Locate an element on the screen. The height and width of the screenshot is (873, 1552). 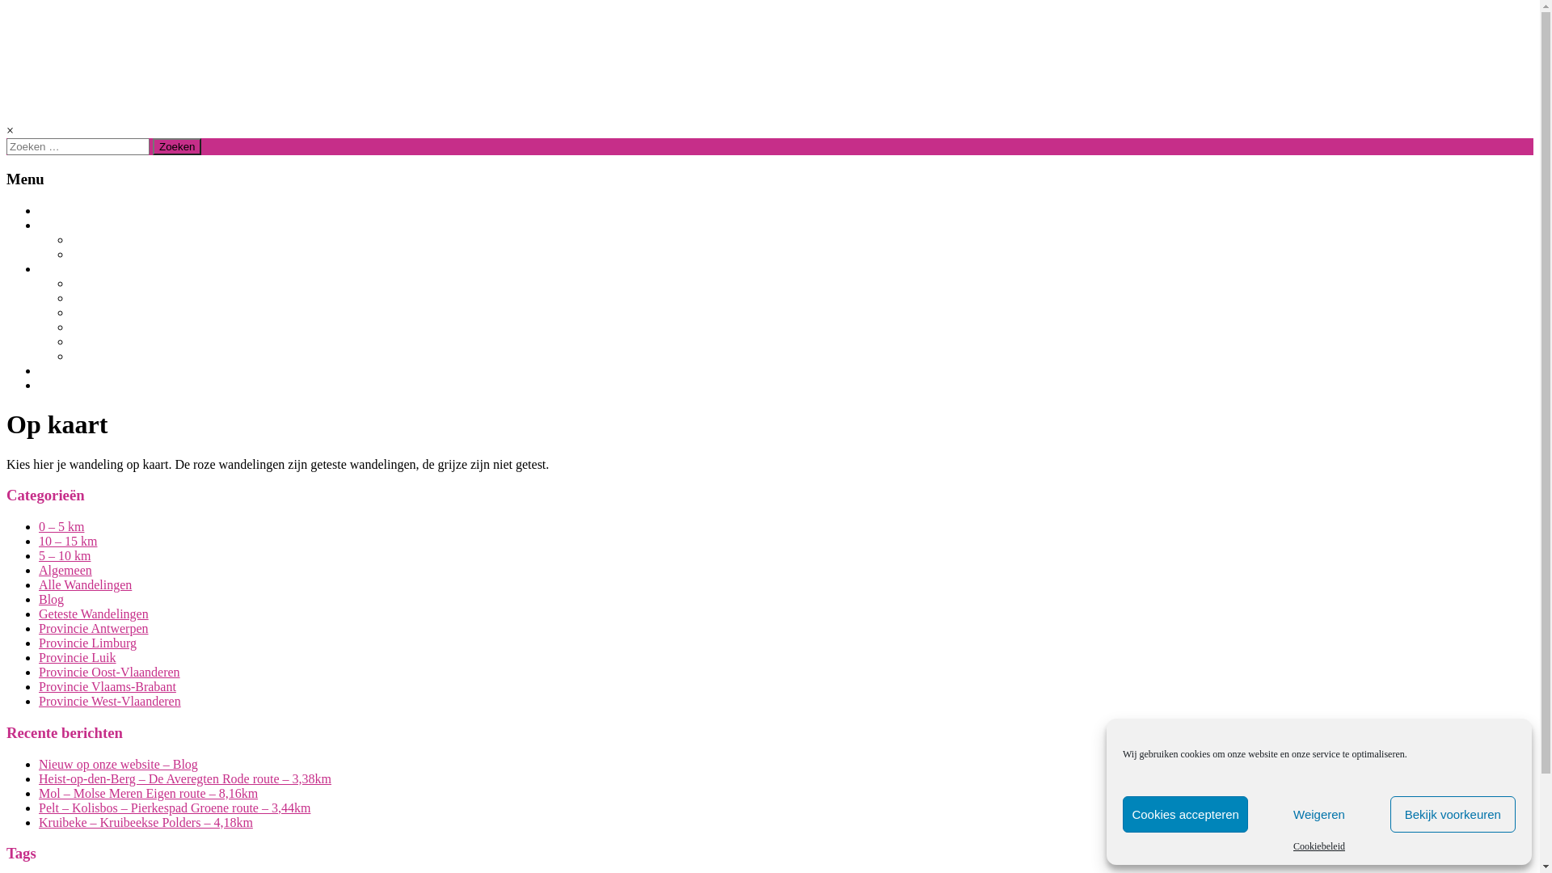
'Alle Wandelingen' is located at coordinates (84, 584).